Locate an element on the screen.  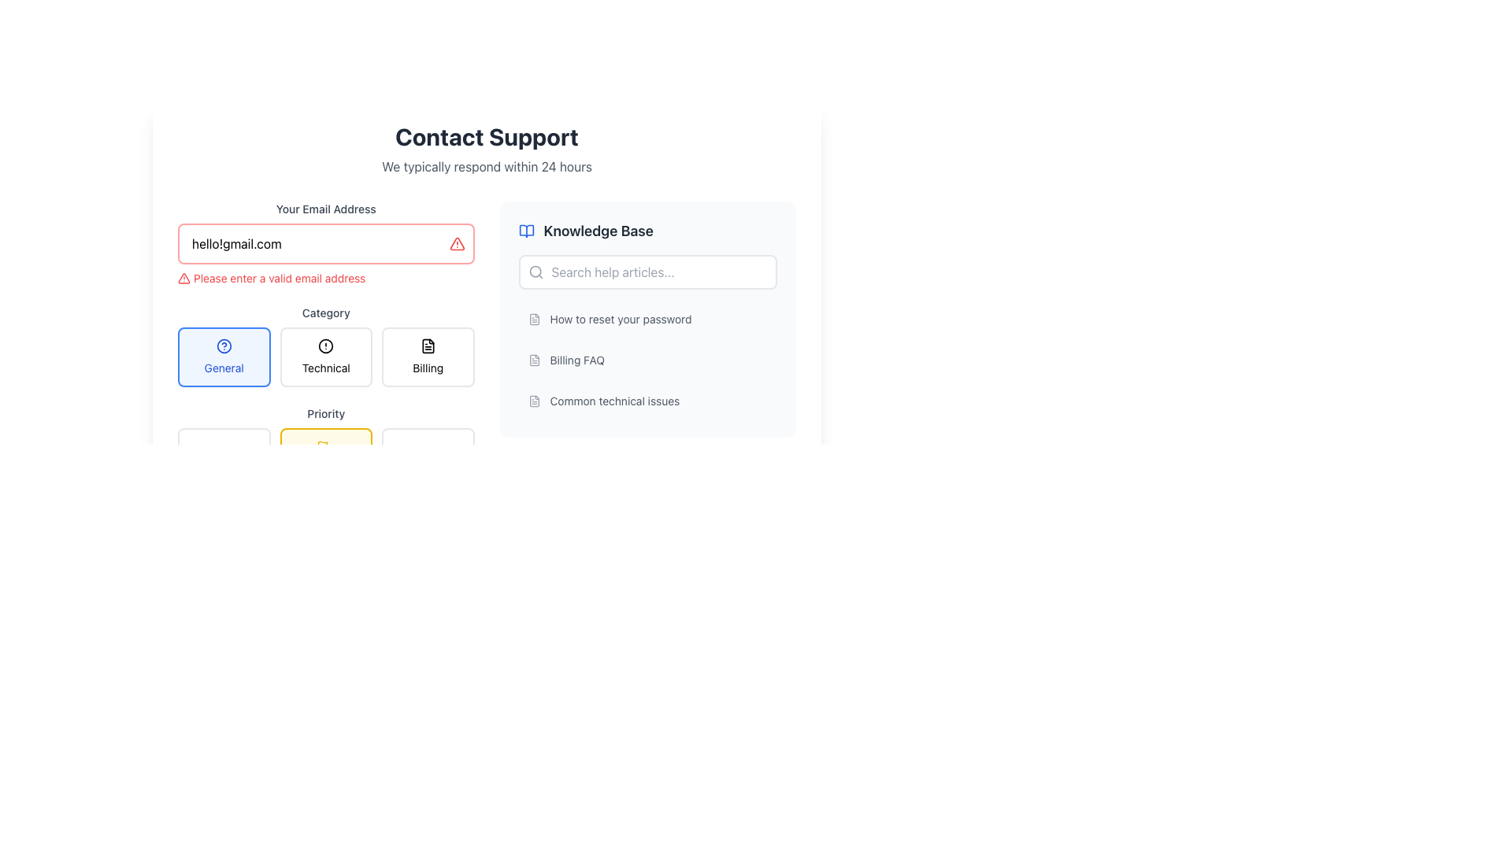
the 'Billing' button, which is a rectangular button with a light-gray border, featuring a document icon at the top and the text 'Billing' below it, located below the 'Category' section and to the right of the 'Technical' button is located at coordinates (428, 357).